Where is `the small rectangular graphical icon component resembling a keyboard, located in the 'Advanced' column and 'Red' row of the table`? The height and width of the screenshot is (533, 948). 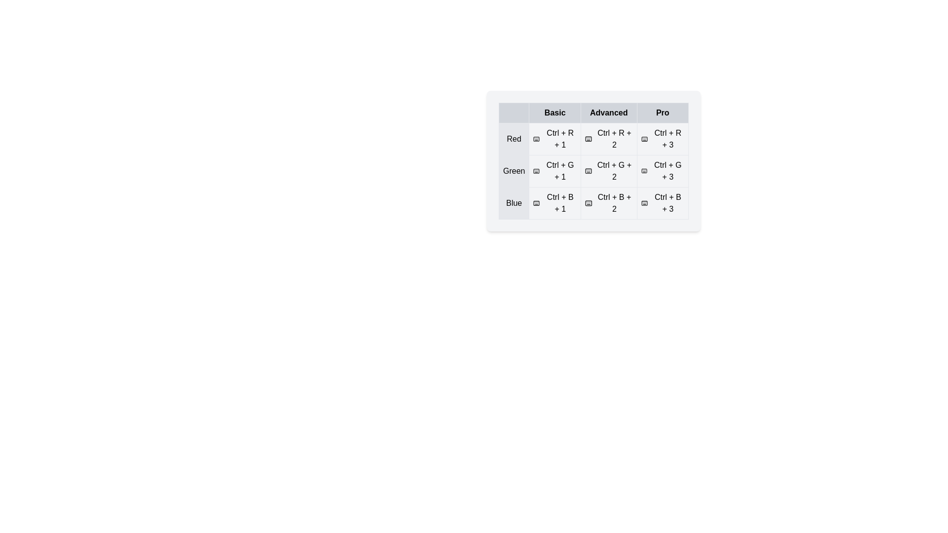 the small rectangular graphical icon component resembling a keyboard, located in the 'Advanced' column and 'Red' row of the table is located at coordinates (644, 139).